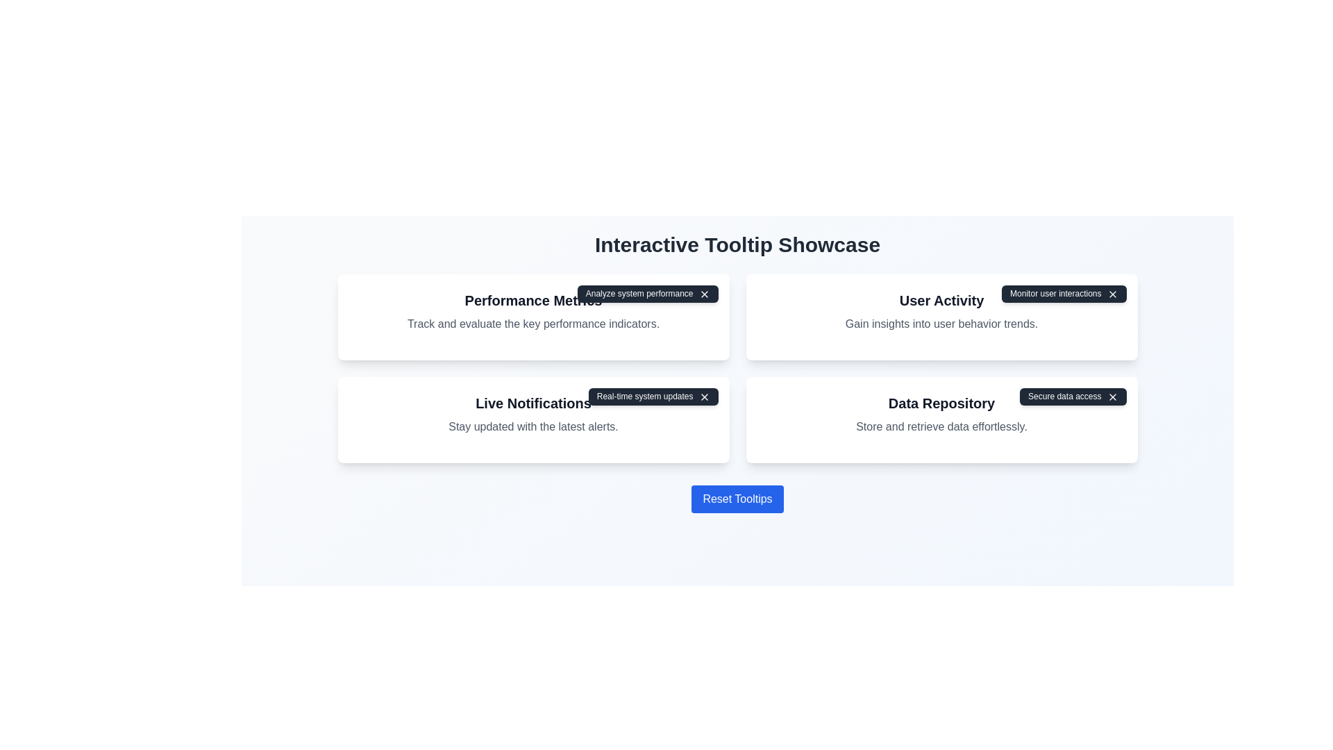 The width and height of the screenshot is (1333, 750). I want to click on tooltip text displayed in the top-right area of the 'Live Notifications' section, which provides additional information or updates, so click(653, 397).